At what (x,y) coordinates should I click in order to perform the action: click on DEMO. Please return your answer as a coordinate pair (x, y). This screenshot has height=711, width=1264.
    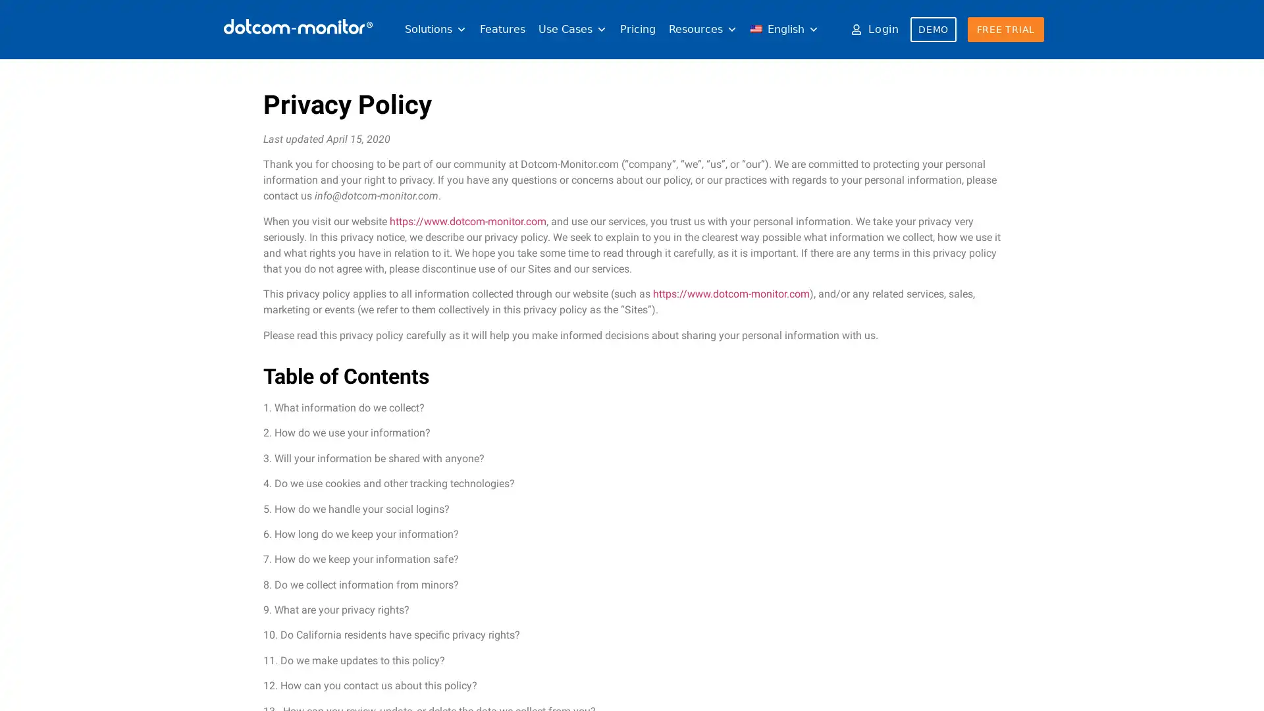
    Looking at the image, I should click on (932, 30).